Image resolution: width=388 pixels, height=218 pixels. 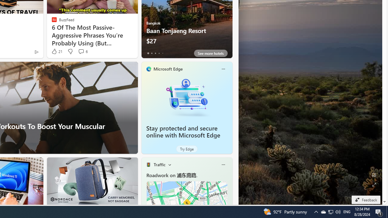 What do you see at coordinates (223, 164) in the screenshot?
I see `'Class: icon-img'` at bounding box center [223, 164].